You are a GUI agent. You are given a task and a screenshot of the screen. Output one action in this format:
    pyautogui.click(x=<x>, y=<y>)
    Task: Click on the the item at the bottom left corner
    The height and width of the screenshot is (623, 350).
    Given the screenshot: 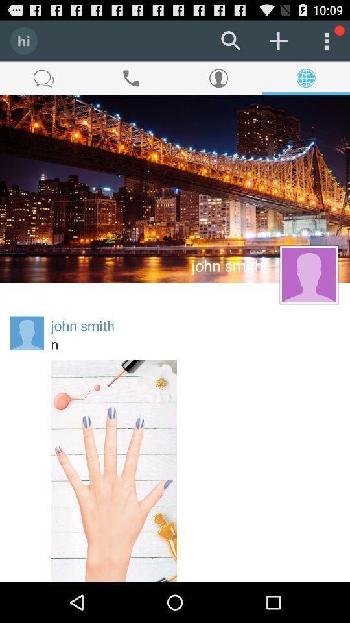 What is the action you would take?
    pyautogui.click(x=113, y=470)
    